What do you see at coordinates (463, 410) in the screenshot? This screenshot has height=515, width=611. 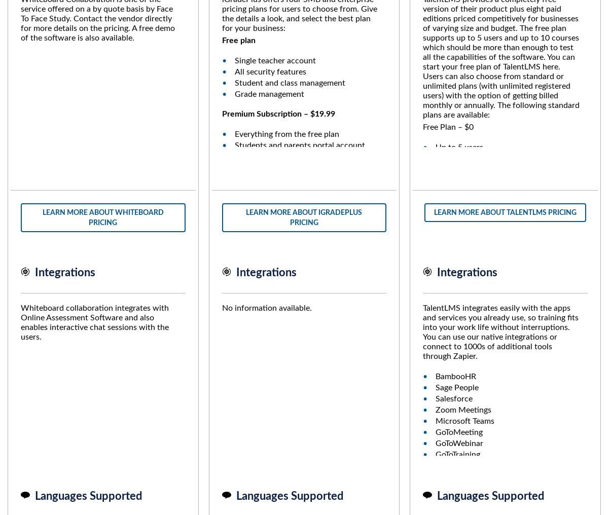 I see `'Zoom Meetings'` at bounding box center [463, 410].